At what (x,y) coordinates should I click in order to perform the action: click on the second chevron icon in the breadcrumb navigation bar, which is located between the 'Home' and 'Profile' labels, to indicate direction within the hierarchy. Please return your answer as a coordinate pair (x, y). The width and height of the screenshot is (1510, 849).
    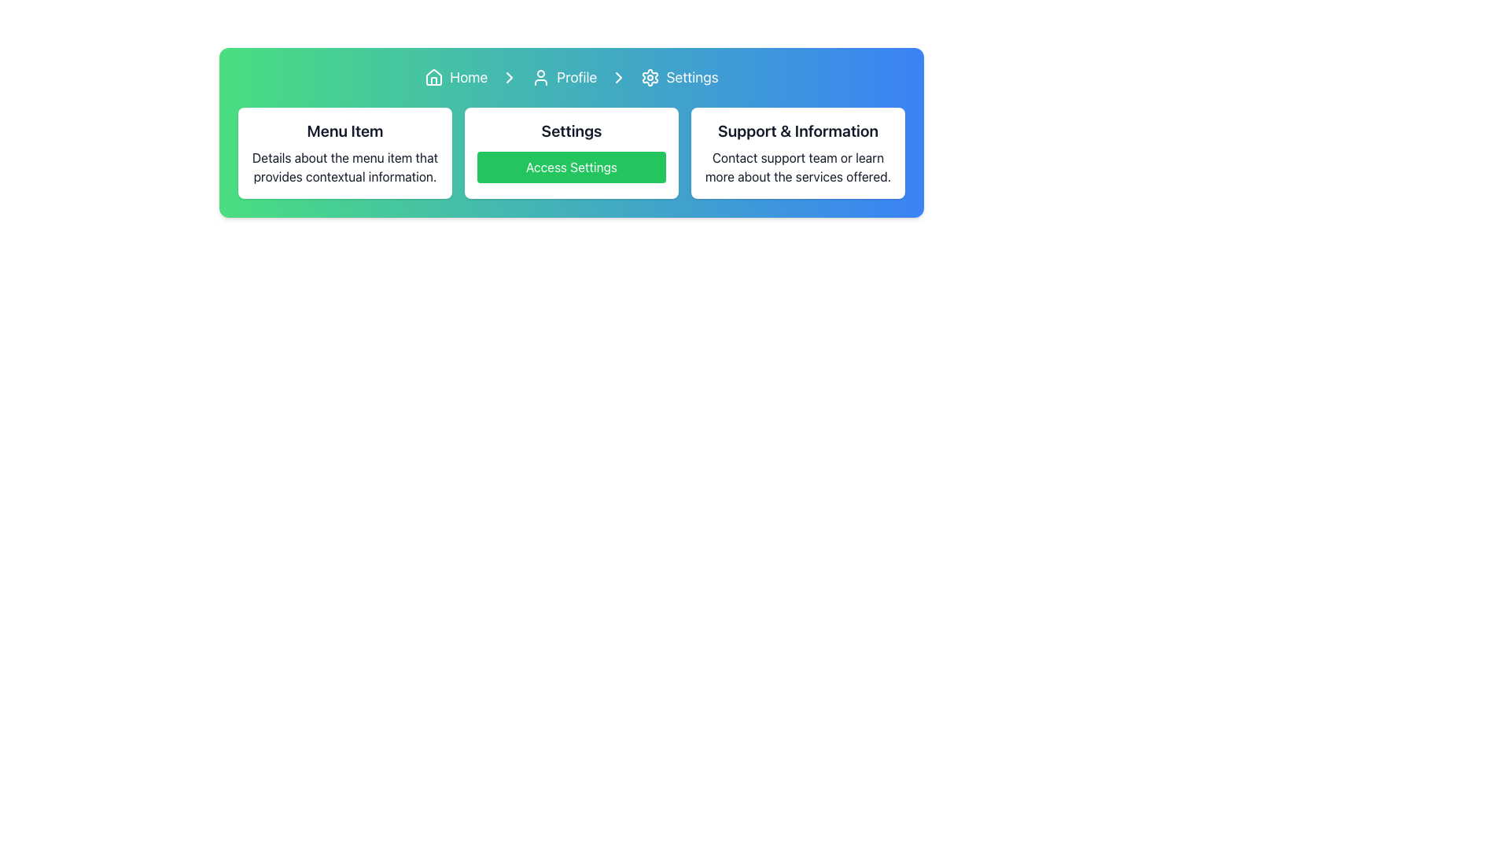
    Looking at the image, I should click on (510, 78).